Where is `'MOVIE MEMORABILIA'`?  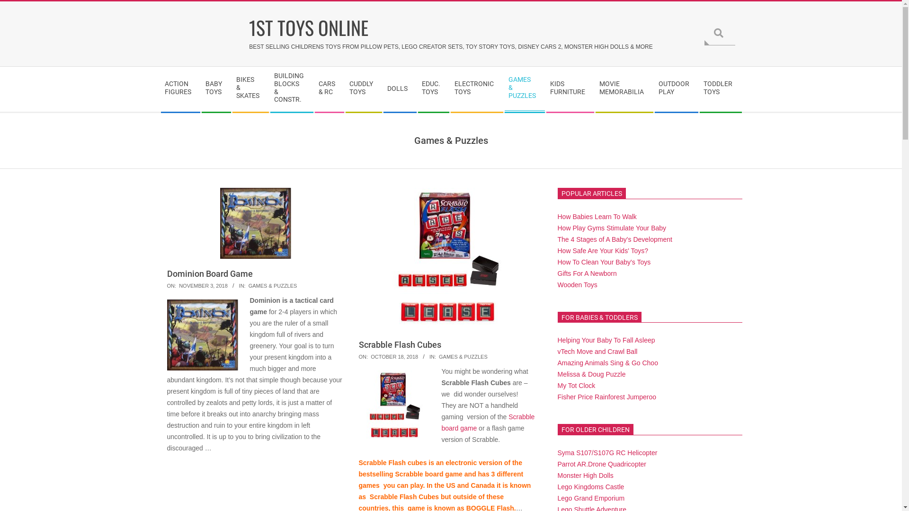
'MOVIE MEMORABILIA' is located at coordinates (624, 89).